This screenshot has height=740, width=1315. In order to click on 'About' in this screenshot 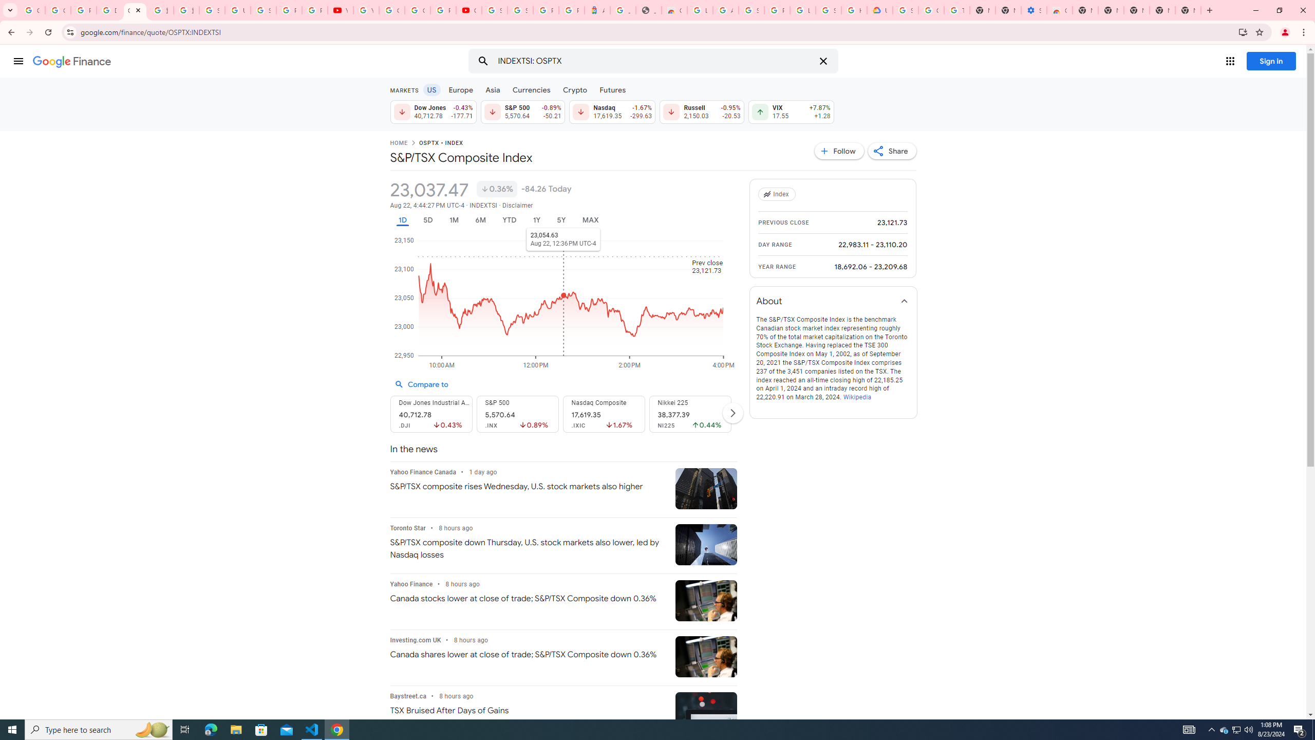, I will do `click(833, 301)`.